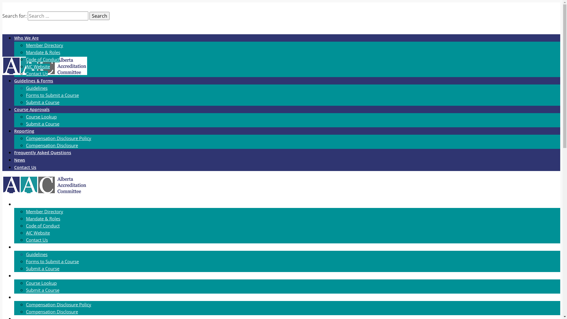  I want to click on 'Mandate & Roles', so click(43, 219).